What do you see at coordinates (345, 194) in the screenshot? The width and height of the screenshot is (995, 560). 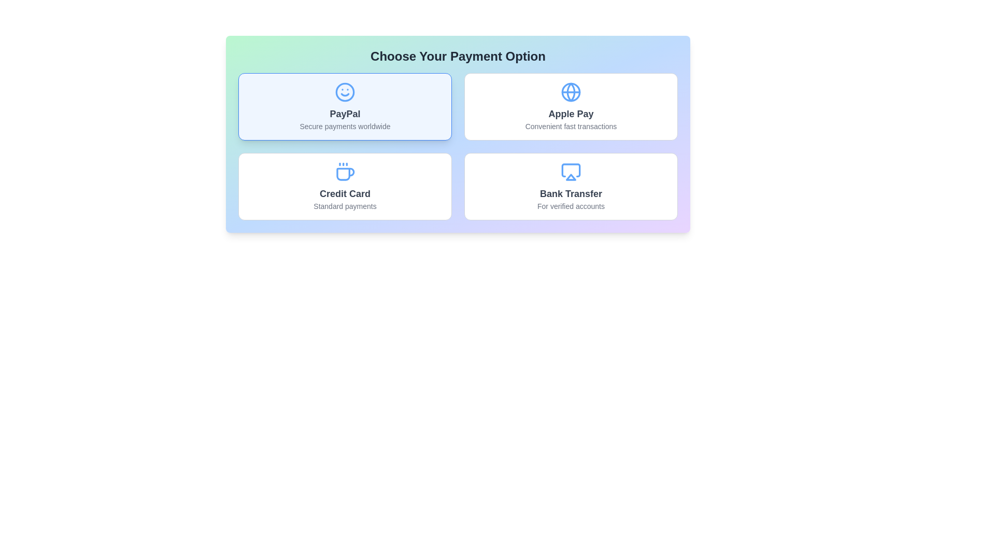 I see `the 'Credit Card' text label displayed in bold, medium-large sans-serif font within the payment options card` at bounding box center [345, 194].